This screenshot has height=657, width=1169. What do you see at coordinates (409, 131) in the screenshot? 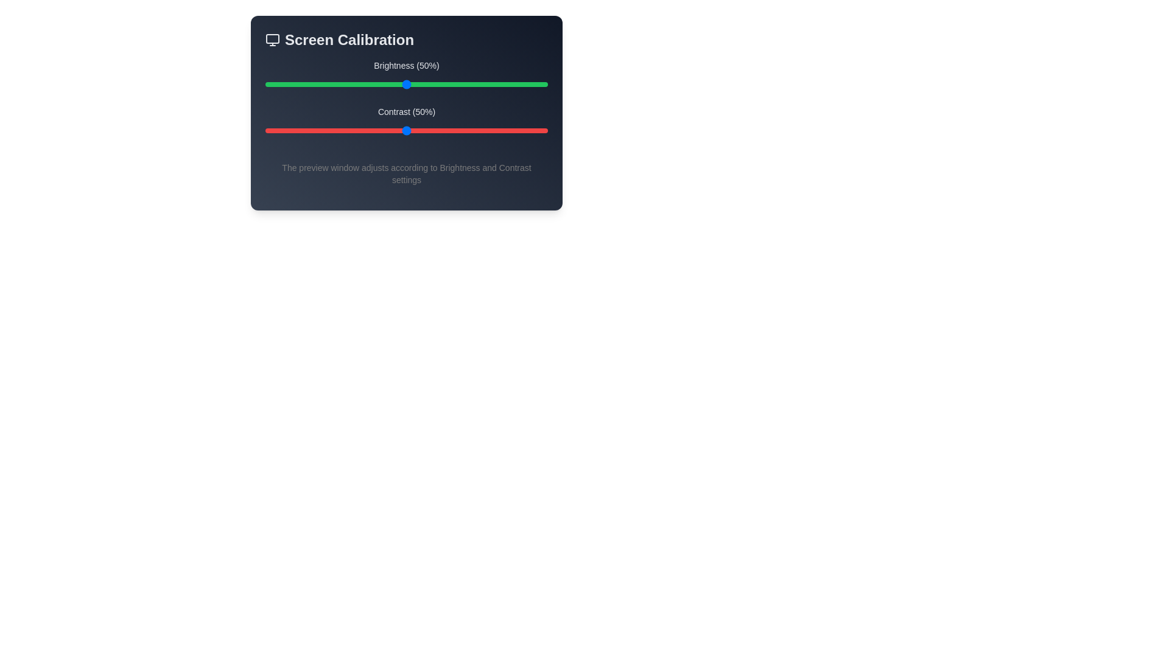
I see `the contrast slider to 51%` at bounding box center [409, 131].